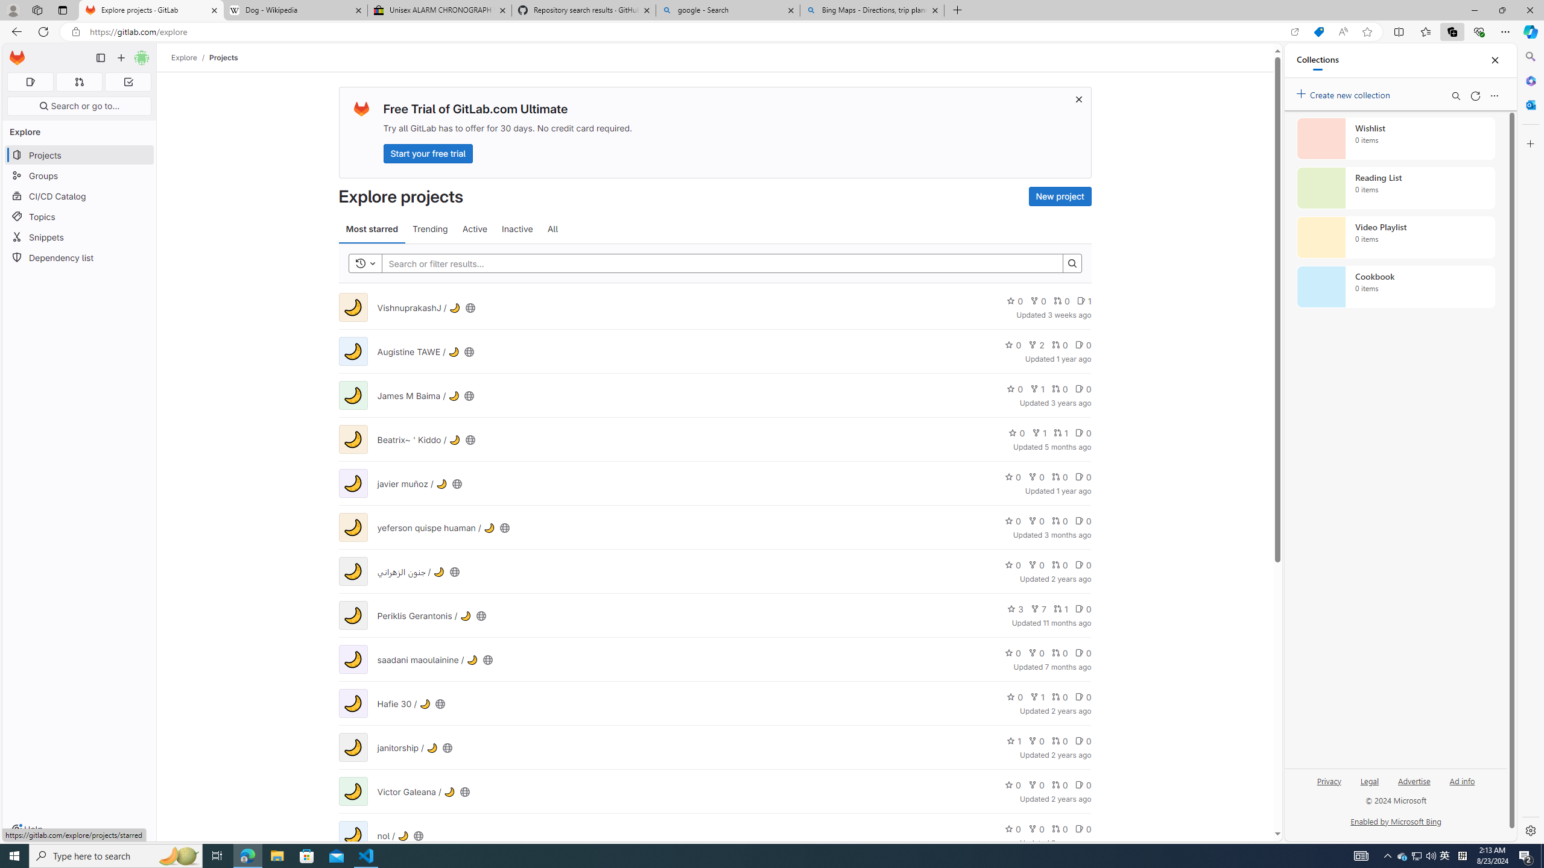 This screenshot has width=1544, height=868. Describe the element at coordinates (78, 216) in the screenshot. I see `'Topics'` at that location.